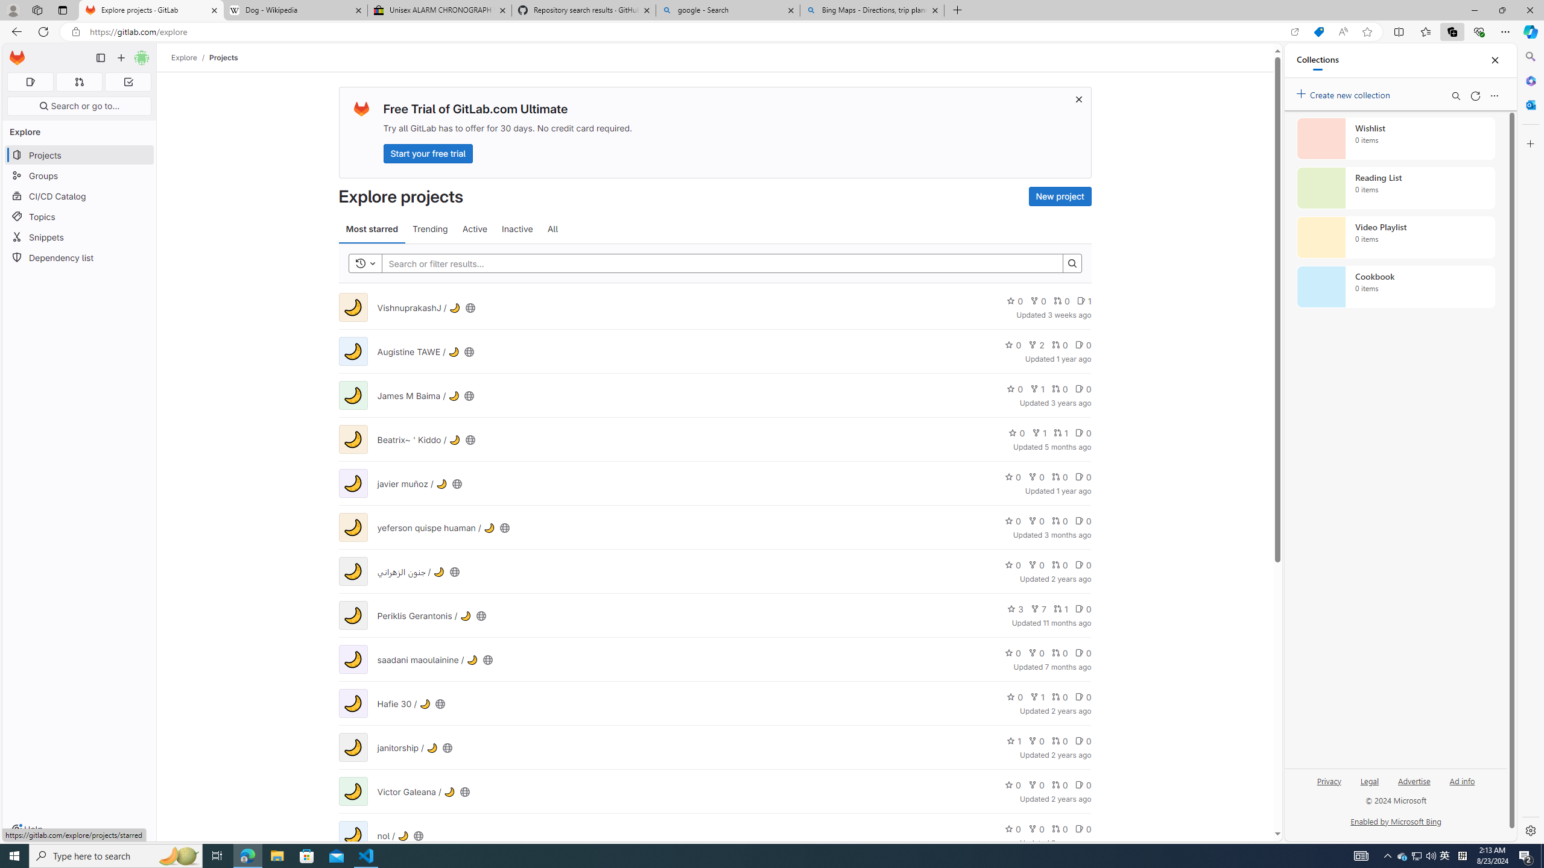 This screenshot has width=1544, height=868. Describe the element at coordinates (78, 216) in the screenshot. I see `'Topics'` at that location.